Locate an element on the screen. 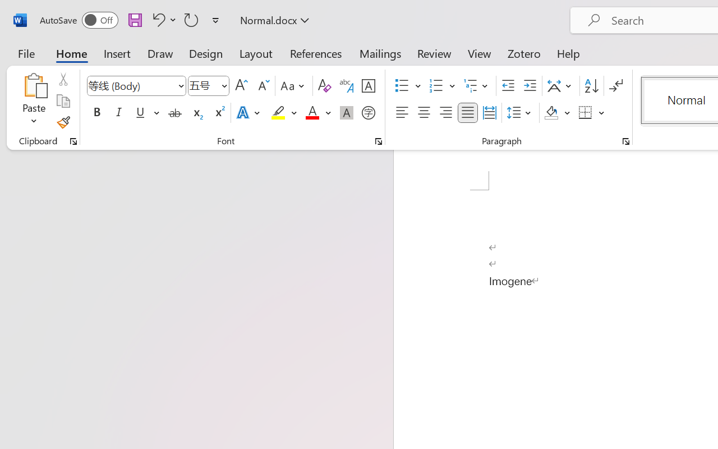 Image resolution: width=718 pixels, height=449 pixels. 'Align Right' is located at coordinates (445, 113).